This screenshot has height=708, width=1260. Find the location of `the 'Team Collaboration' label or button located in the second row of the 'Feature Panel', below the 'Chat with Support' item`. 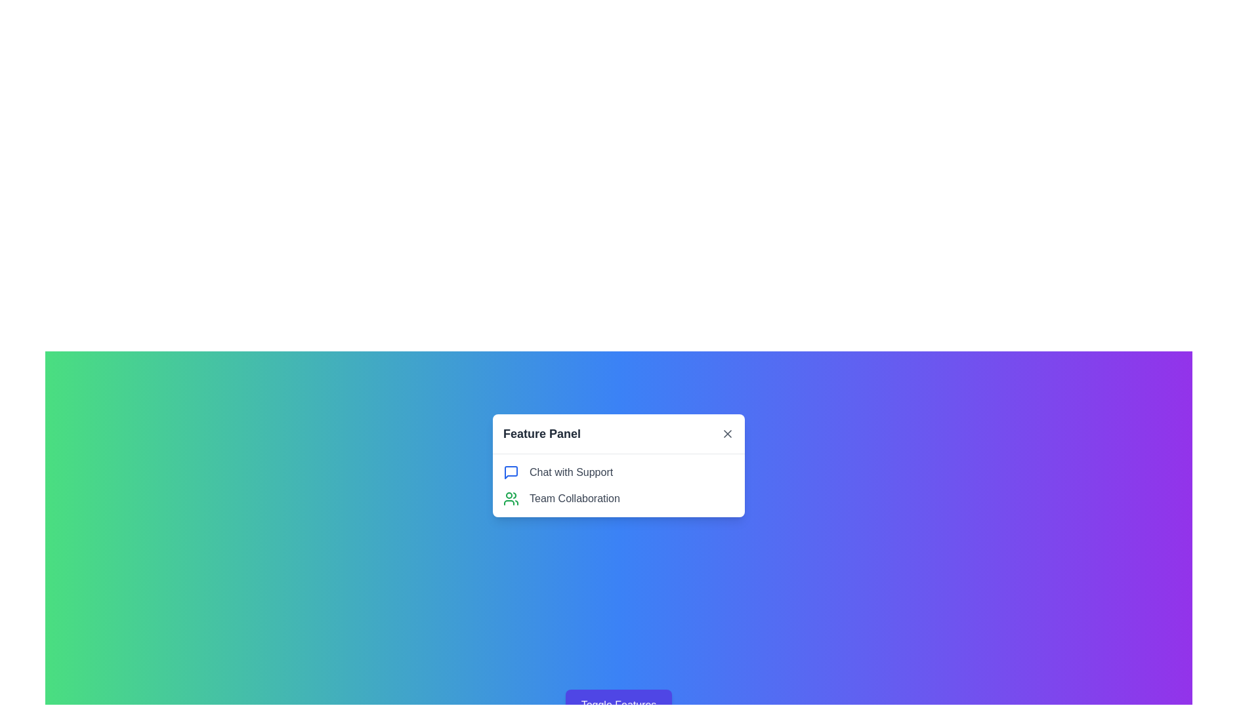

the 'Team Collaboration' label or button located in the second row of the 'Feature Panel', below the 'Chat with Support' item is located at coordinates (618, 498).